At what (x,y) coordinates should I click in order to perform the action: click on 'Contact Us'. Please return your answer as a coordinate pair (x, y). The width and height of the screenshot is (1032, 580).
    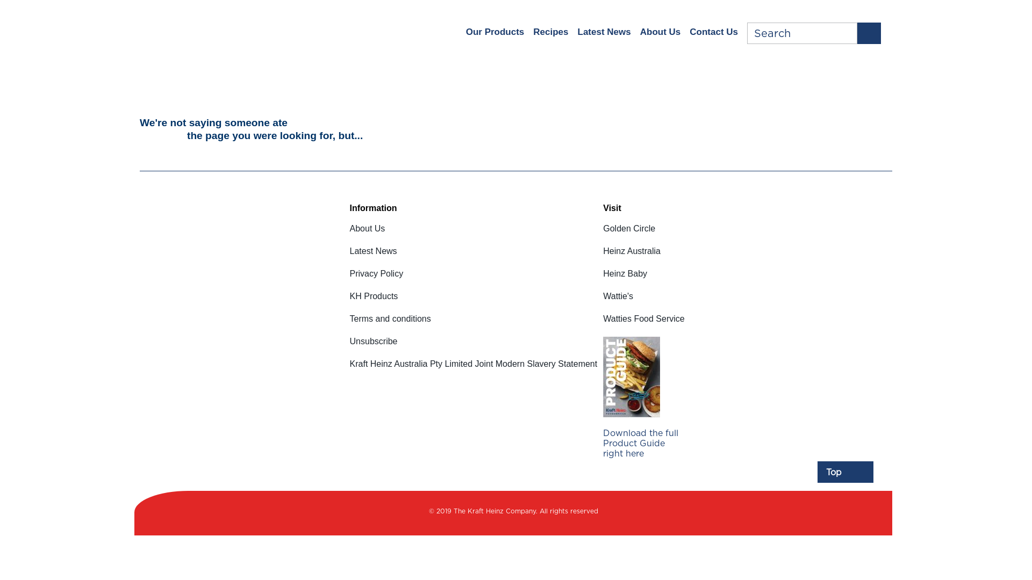
    Looking at the image, I should click on (714, 32).